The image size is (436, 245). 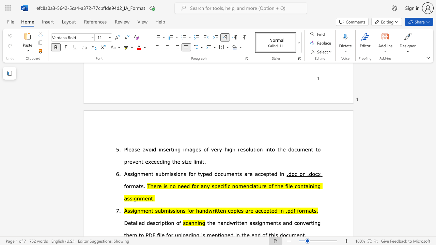 I want to click on the subset text "void insertin" within the text "Please avoid inserting images of", so click(x=145, y=149).